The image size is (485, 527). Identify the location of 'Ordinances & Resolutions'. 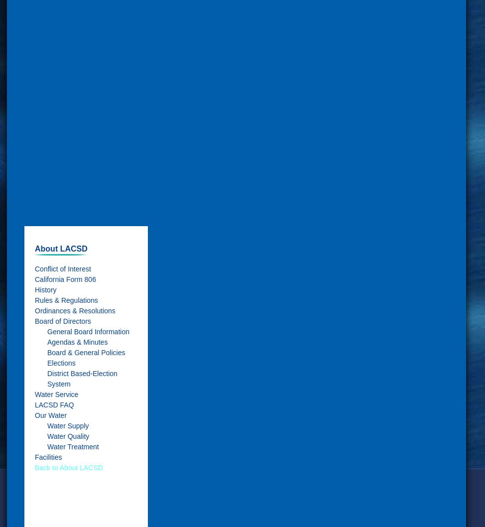
(74, 309).